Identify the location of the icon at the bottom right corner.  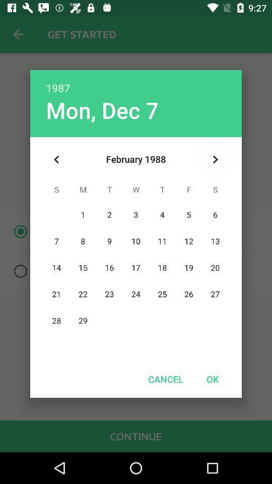
(212, 379).